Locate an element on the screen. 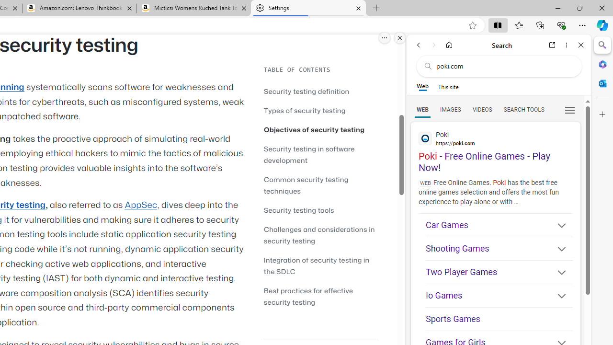  'Global web icon' is located at coordinates (425, 138).